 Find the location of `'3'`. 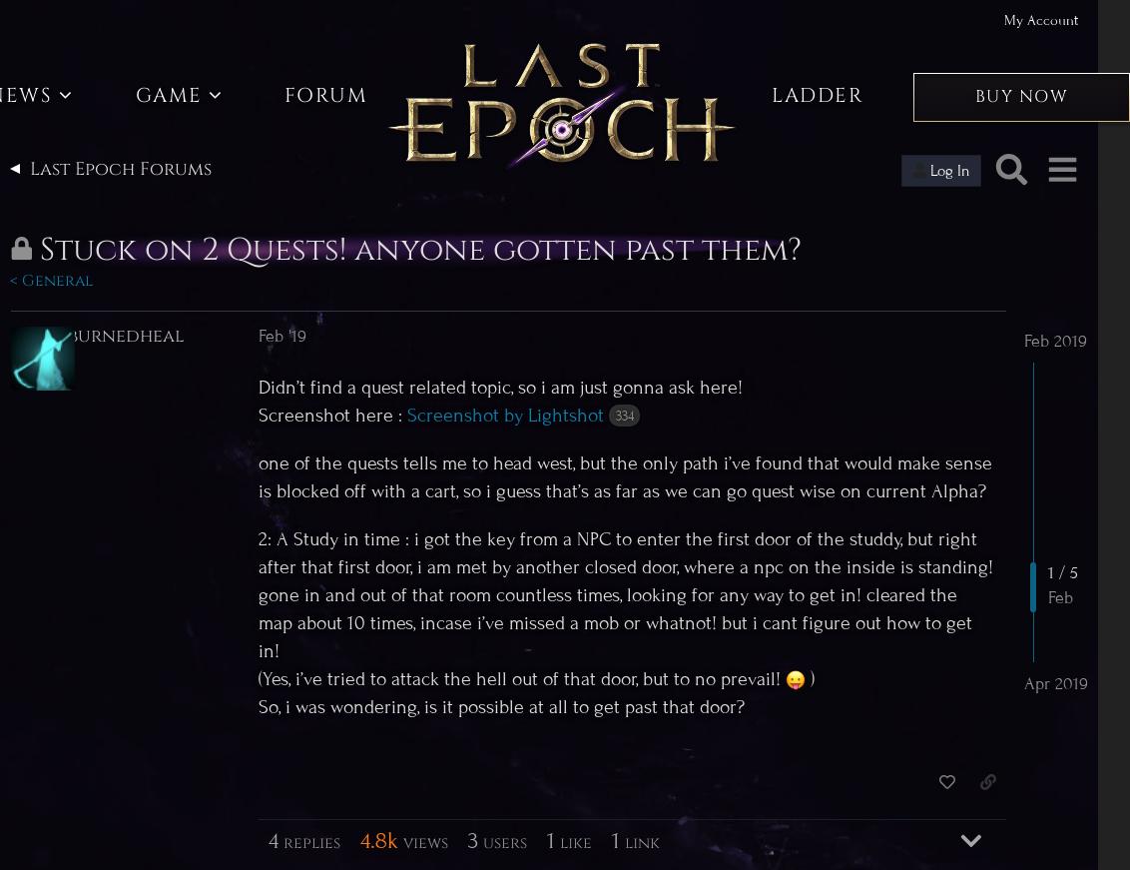

'3' is located at coordinates (471, 839).